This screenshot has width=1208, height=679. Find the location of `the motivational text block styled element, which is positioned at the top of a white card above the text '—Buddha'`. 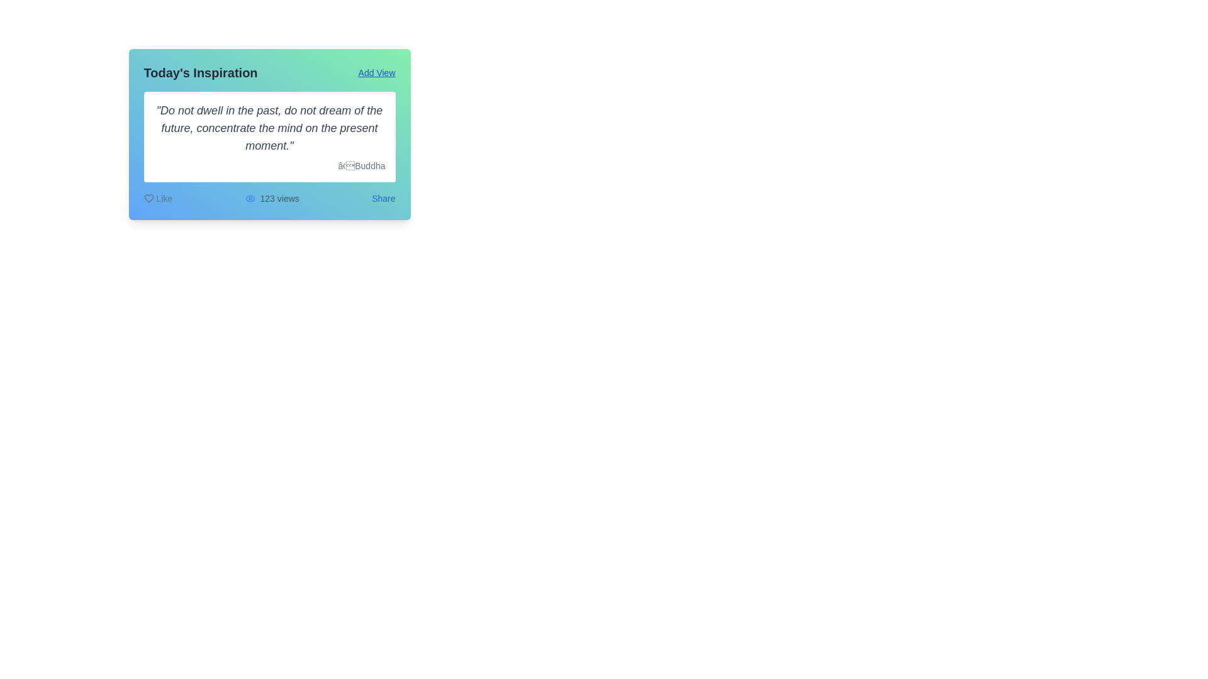

the motivational text block styled element, which is positioned at the top of a white card above the text '—Buddha' is located at coordinates (269, 128).